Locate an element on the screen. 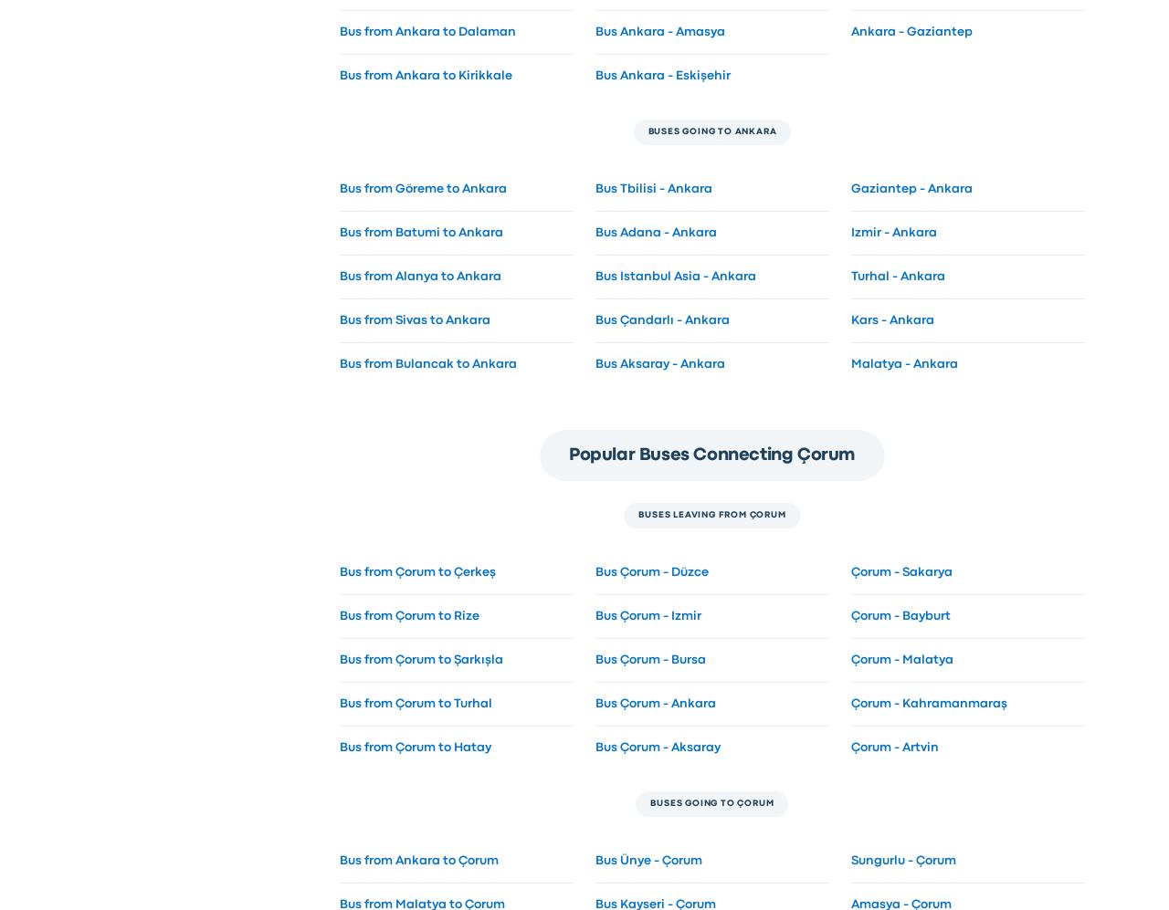 The height and width of the screenshot is (910, 1169). 'Bus Istanbul Asia - Ankara' is located at coordinates (673, 275).